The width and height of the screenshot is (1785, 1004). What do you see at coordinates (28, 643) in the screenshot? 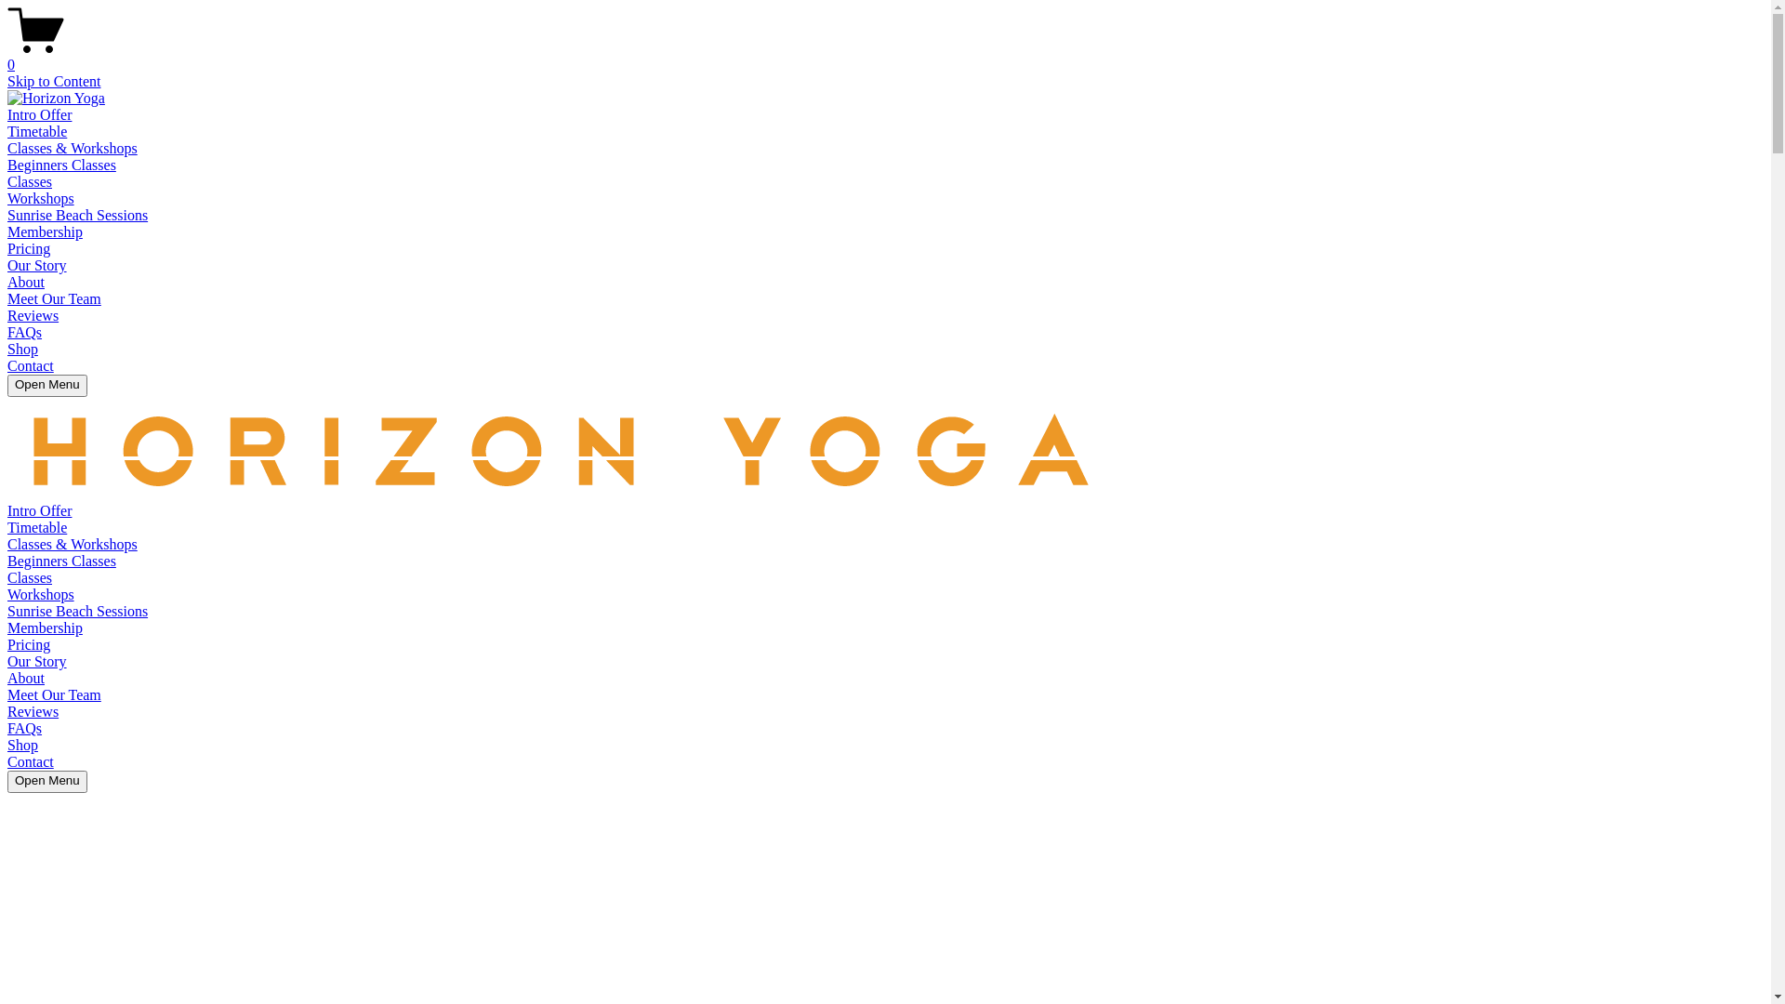
I see `'Pricing'` at bounding box center [28, 643].